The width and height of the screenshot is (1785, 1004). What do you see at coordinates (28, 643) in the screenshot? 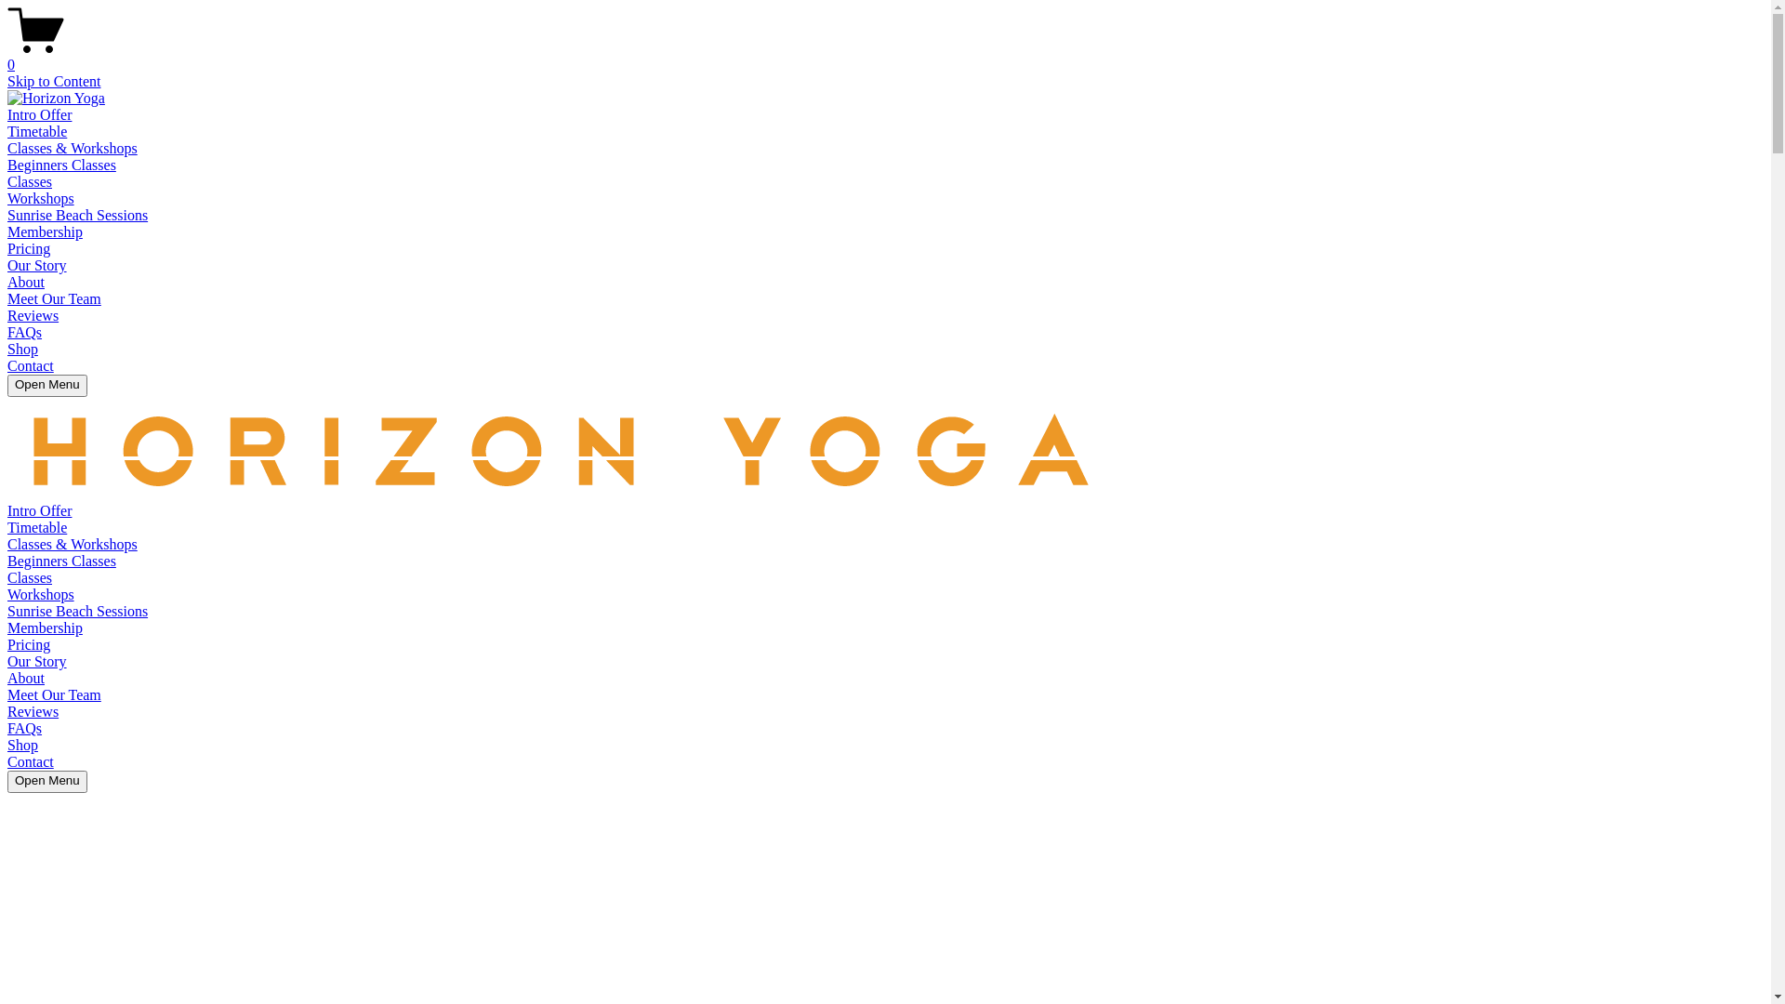
I see `'Pricing'` at bounding box center [28, 643].